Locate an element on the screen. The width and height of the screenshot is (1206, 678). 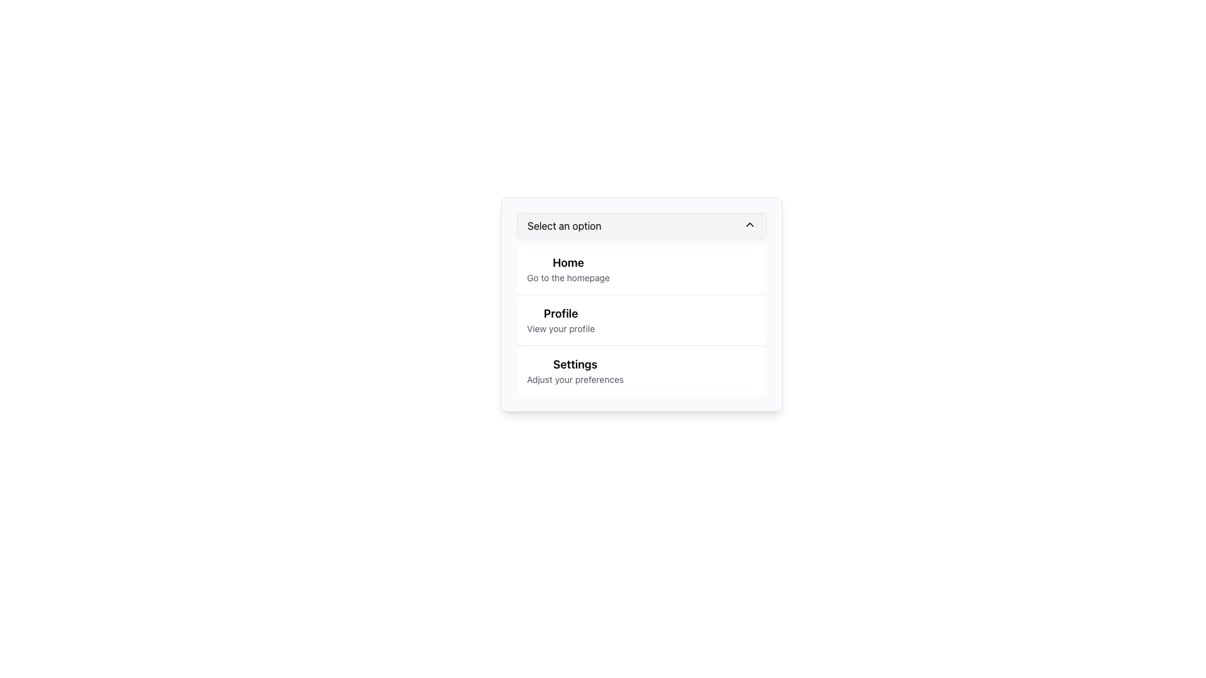
the bold text label that reads 'Profile', which is positioned above the smaller text 'View your profile' is located at coordinates (560, 313).